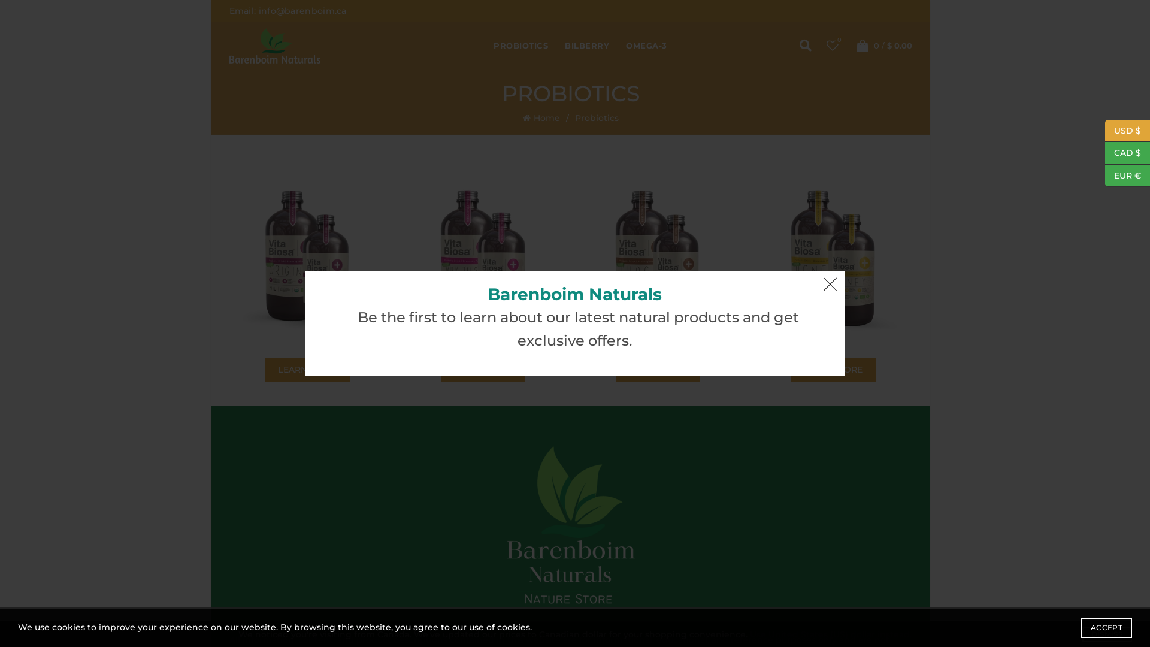 The height and width of the screenshot is (647, 1150). Describe the element at coordinates (483, 369) in the screenshot. I see `'LEARN MORE'` at that location.